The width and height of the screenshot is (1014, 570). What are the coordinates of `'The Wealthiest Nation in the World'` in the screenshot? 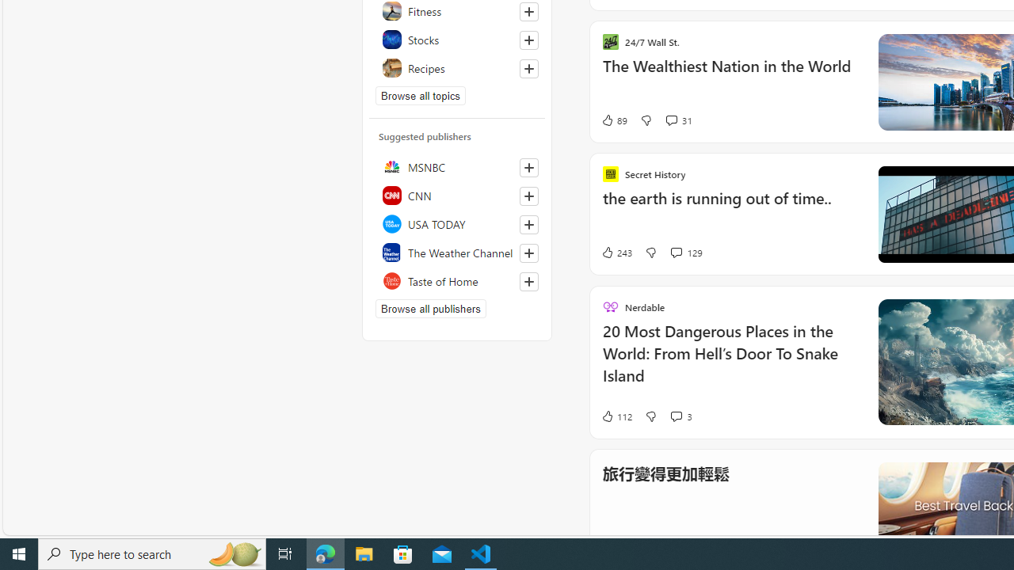 It's located at (730, 74).